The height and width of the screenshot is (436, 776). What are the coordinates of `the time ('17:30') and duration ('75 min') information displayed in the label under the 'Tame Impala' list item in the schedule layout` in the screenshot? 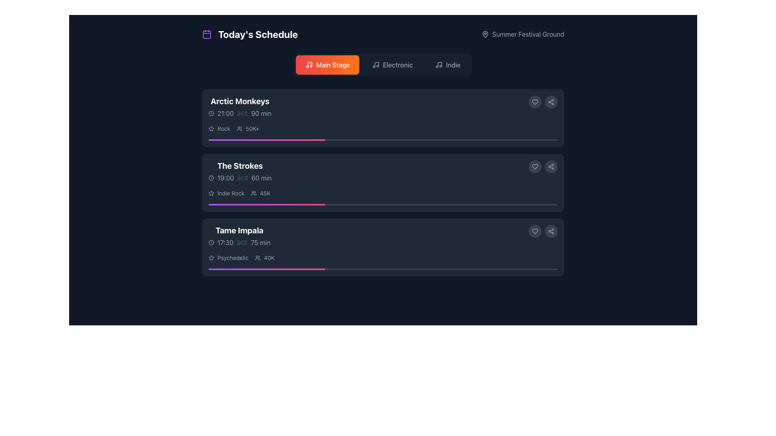 It's located at (239, 242).